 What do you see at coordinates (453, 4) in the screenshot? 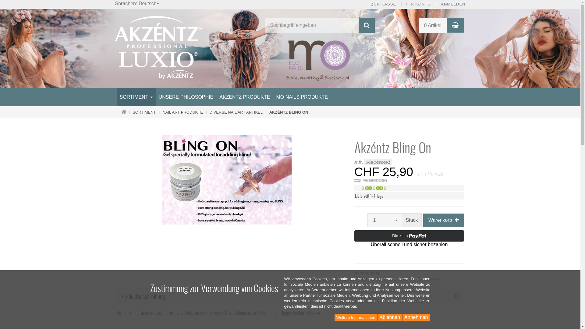
I see `'ANMELDEN'` at bounding box center [453, 4].